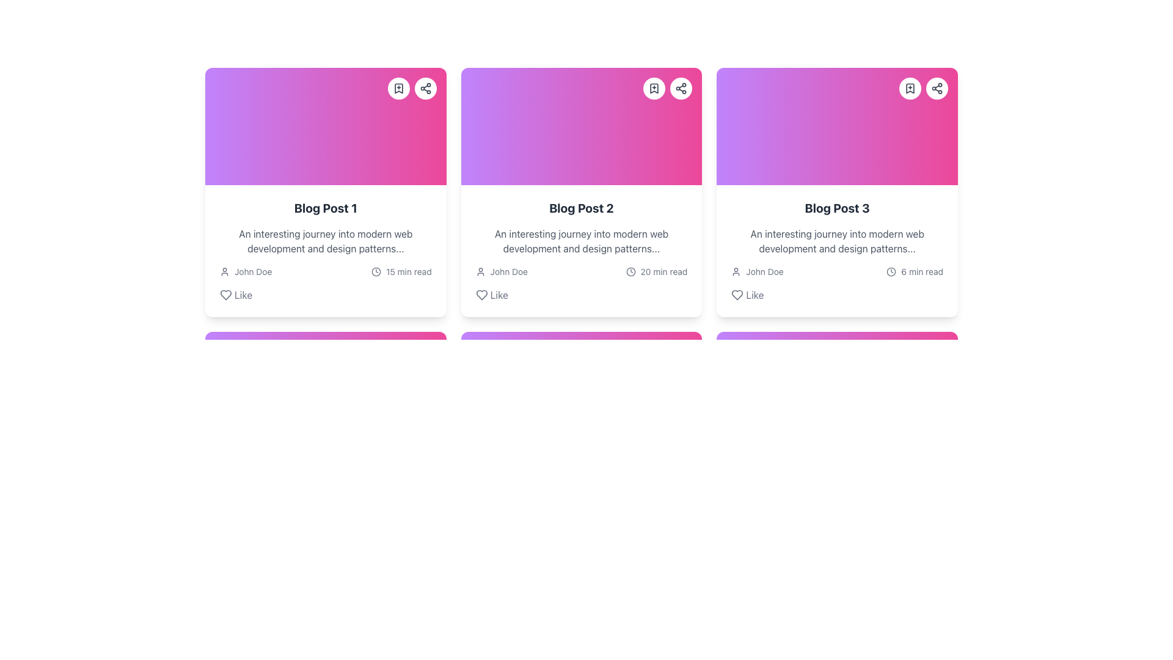 This screenshot has height=660, width=1173. Describe the element at coordinates (656, 271) in the screenshot. I see `the Informational Label located at the bottom section of the second card in a row of three, adjacent to the 'John Doe' text` at that location.